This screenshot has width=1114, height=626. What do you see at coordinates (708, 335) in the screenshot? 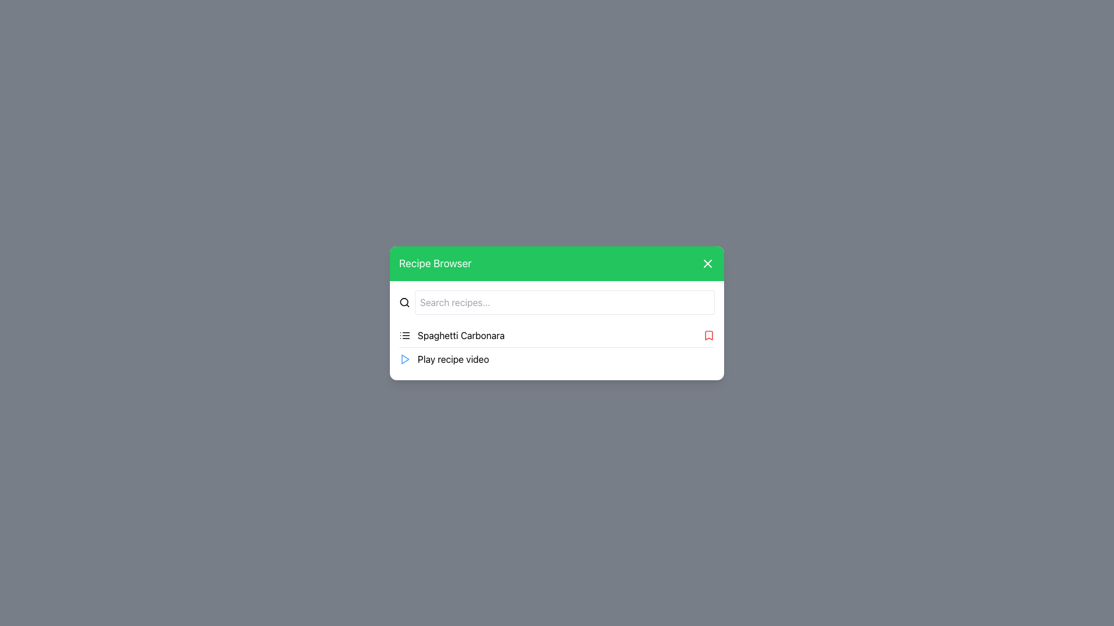
I see `the icon button located to the far right of the text 'Spaghetti Carbonara'` at bounding box center [708, 335].